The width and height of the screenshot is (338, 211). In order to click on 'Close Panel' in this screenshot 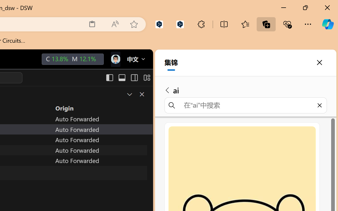, I will do `click(142, 94)`.